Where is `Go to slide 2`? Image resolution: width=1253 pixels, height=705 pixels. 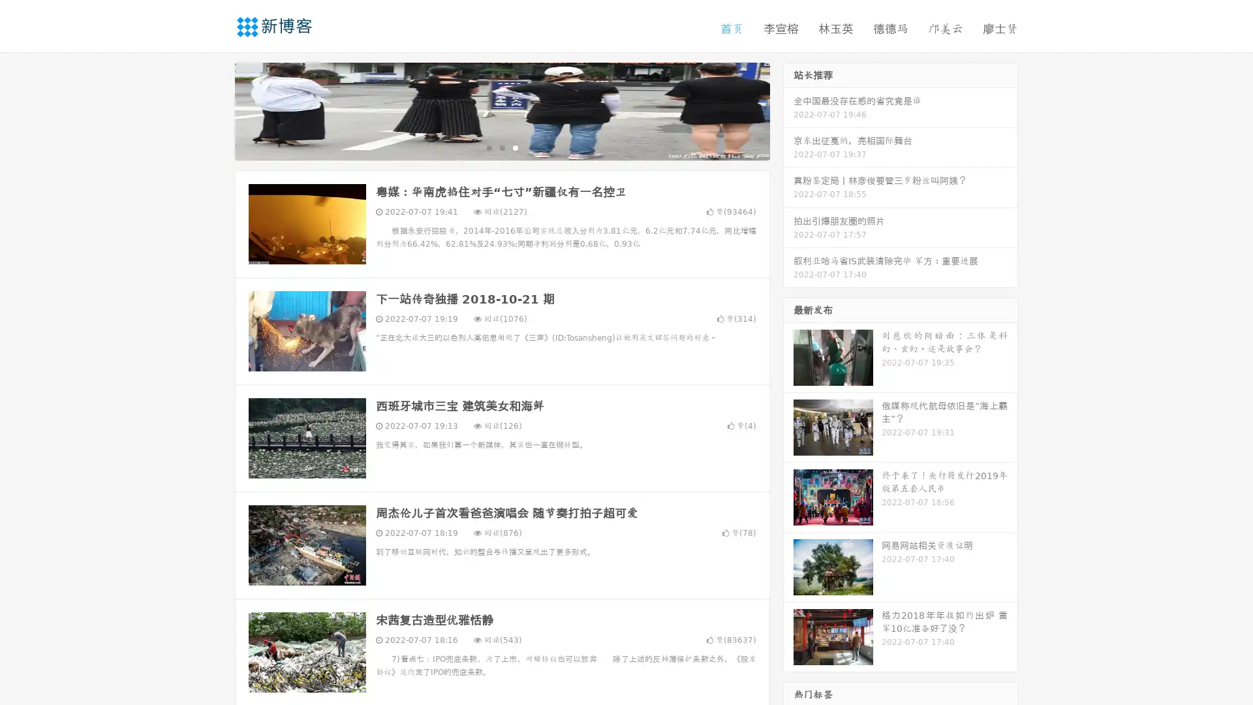 Go to slide 2 is located at coordinates (501, 147).